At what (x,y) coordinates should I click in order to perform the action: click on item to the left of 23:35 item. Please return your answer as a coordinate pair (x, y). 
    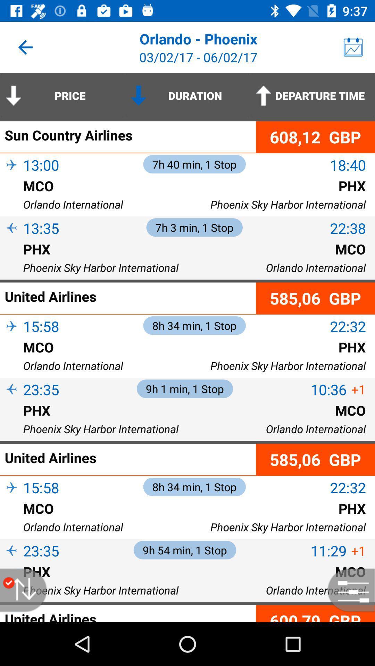
    Looking at the image, I should click on (11, 401).